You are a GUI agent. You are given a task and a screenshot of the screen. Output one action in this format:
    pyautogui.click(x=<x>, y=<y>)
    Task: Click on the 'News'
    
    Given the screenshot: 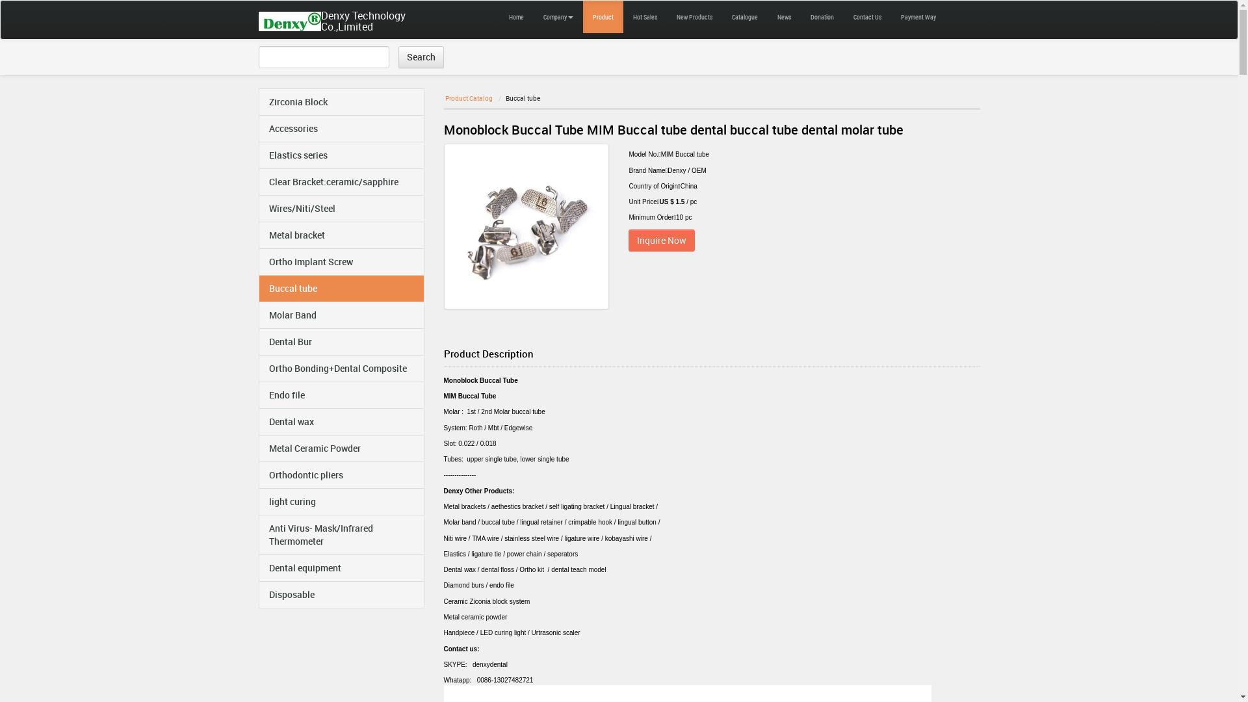 What is the action you would take?
    pyautogui.click(x=783, y=17)
    